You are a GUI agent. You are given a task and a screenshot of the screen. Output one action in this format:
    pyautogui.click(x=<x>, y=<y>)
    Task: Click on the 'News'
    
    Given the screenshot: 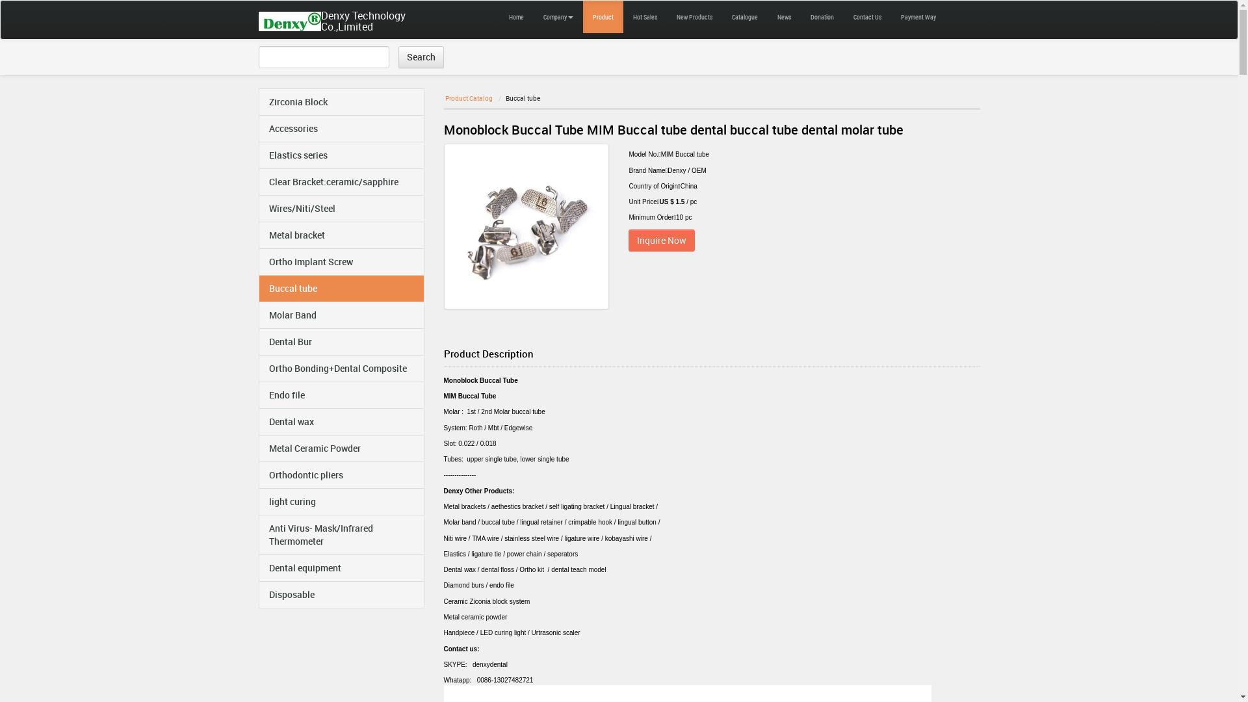 What is the action you would take?
    pyautogui.click(x=783, y=17)
    